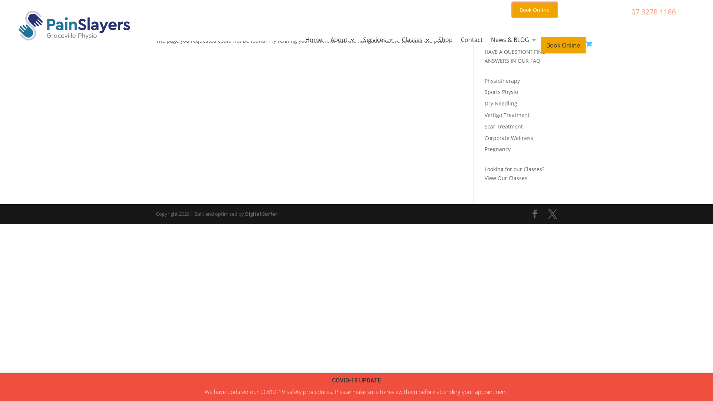 Image resolution: width=713 pixels, height=401 pixels. I want to click on 'Home', so click(313, 45).